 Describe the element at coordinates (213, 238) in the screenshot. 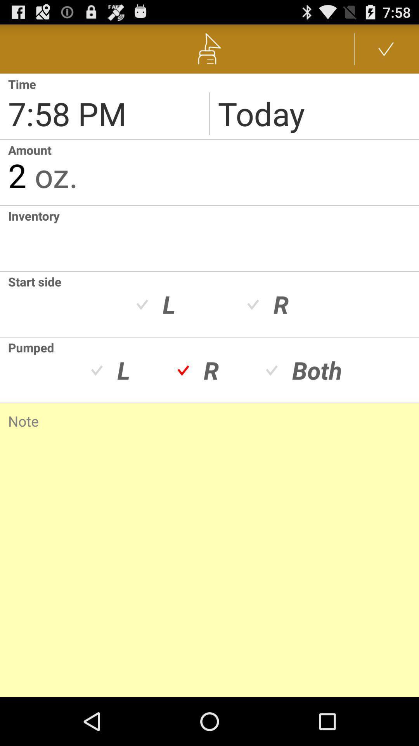

I see `text` at that location.